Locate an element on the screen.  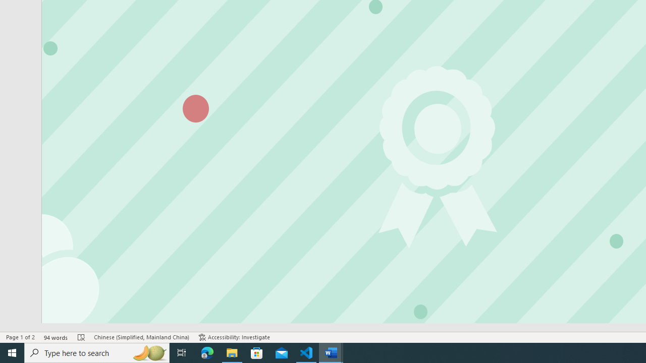
'Language Chinese (Simplified, Mainland China)' is located at coordinates (141, 337).